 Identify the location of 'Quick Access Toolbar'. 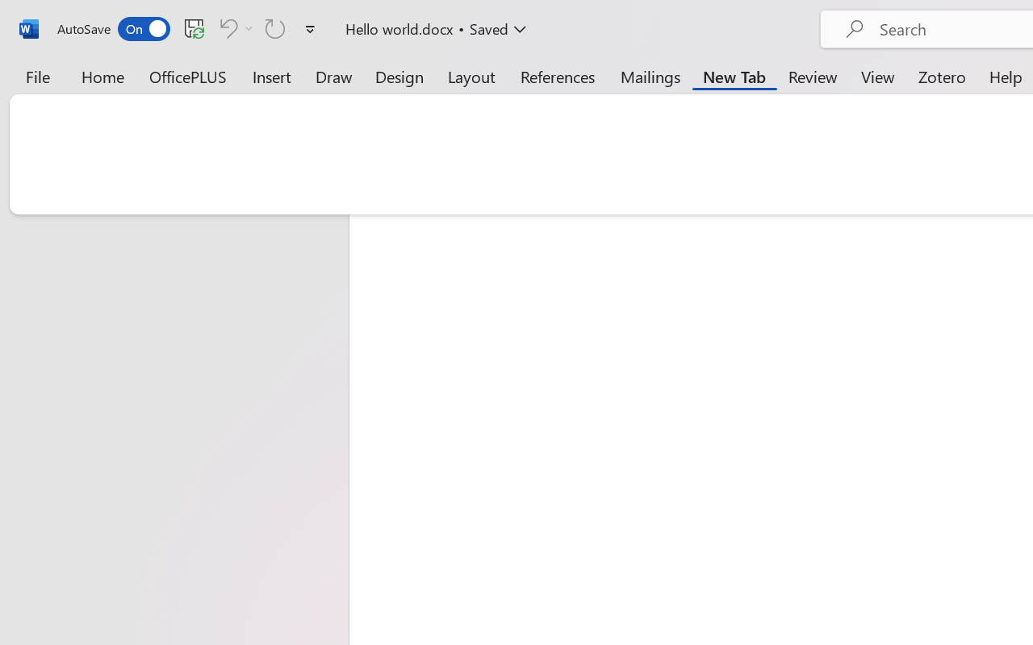
(189, 28).